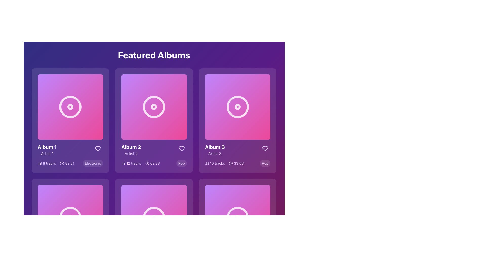 The width and height of the screenshot is (486, 273). What do you see at coordinates (131, 147) in the screenshot?
I see `the album title text label located in the first row of the second column of the album grid` at bounding box center [131, 147].